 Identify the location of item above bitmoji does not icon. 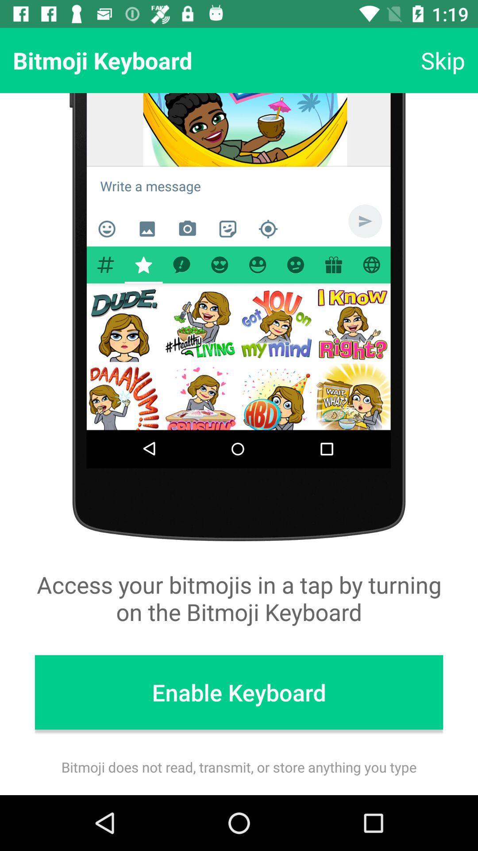
(239, 692).